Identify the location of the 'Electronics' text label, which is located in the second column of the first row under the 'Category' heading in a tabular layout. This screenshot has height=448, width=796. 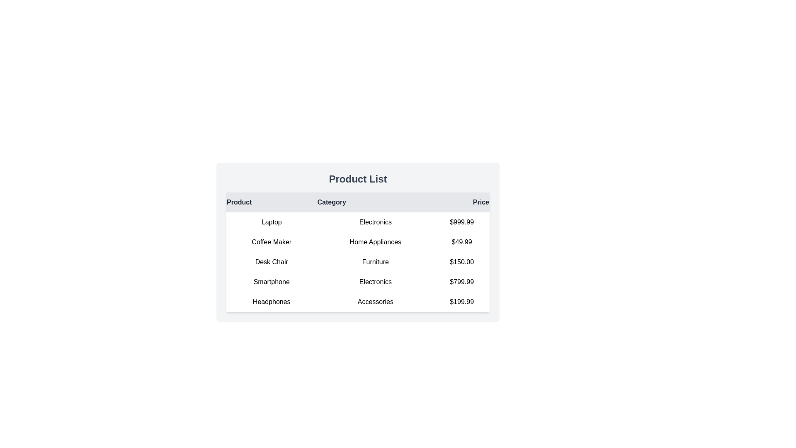
(375, 222).